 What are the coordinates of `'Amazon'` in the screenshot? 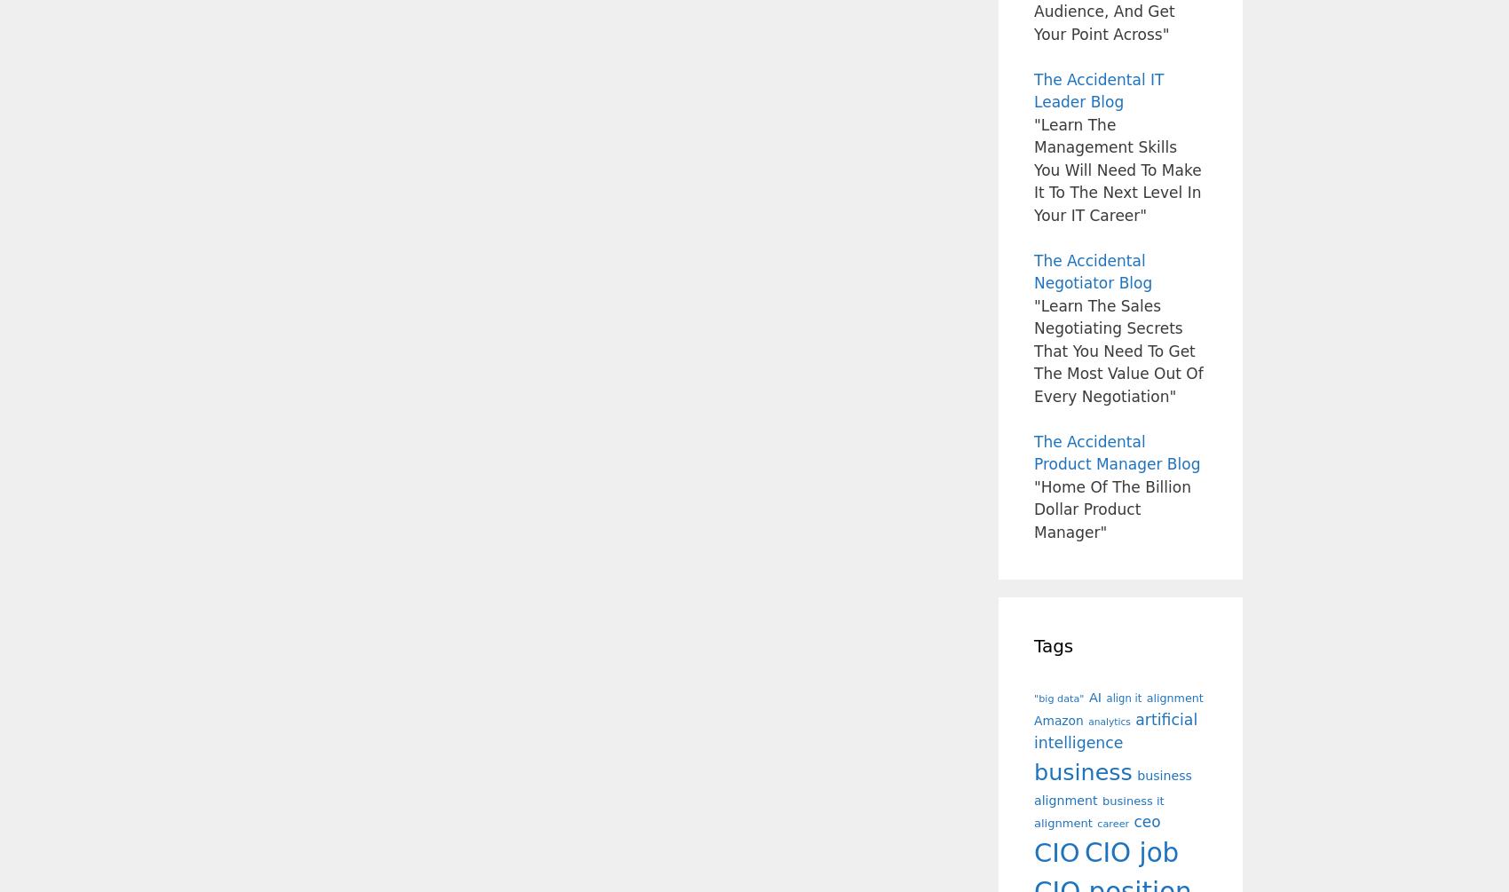 It's located at (1057, 720).